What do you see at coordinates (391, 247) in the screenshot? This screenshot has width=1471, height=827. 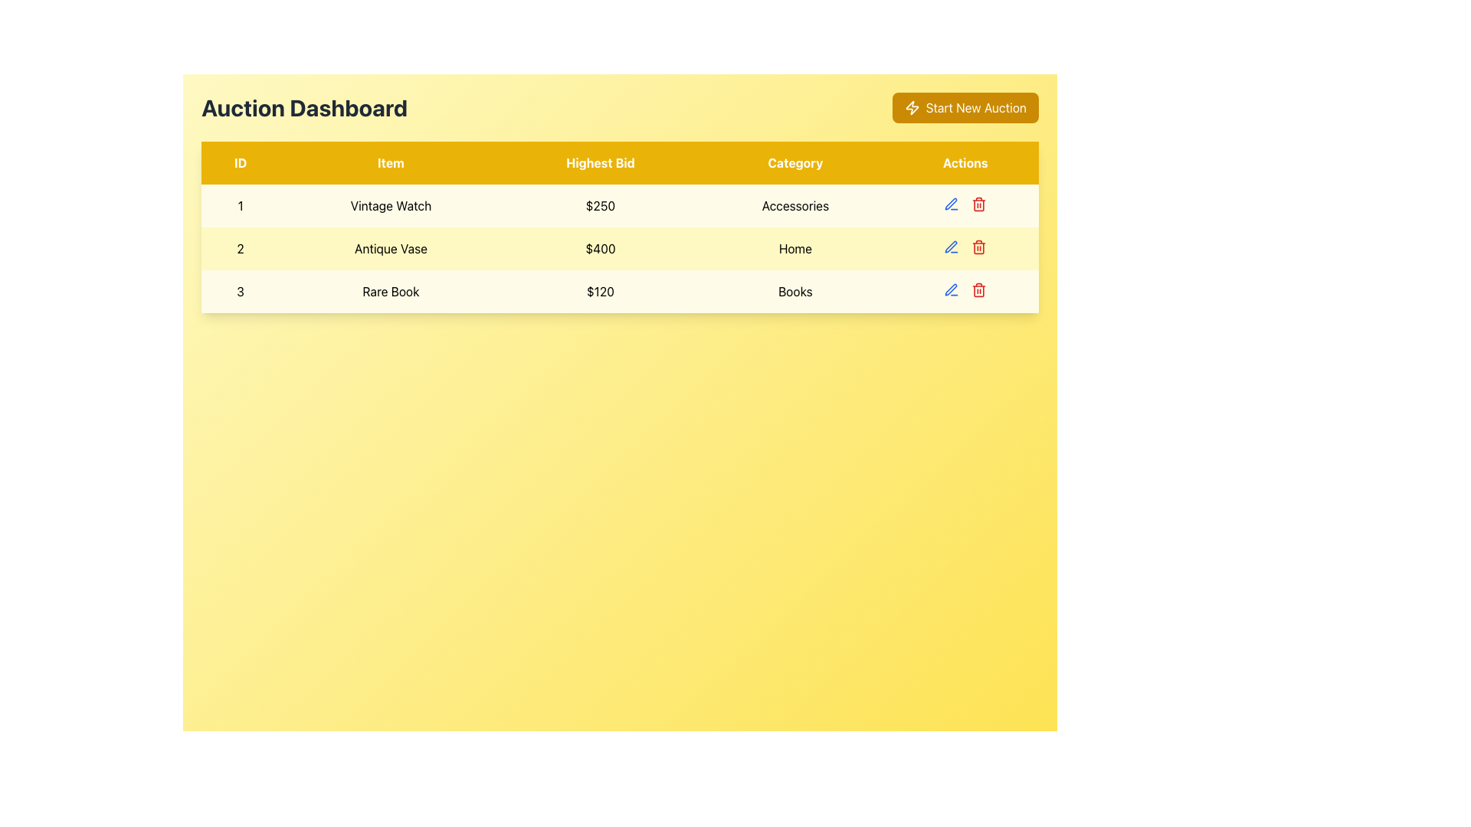 I see `text label 'Antique Vase' located in the second column under the 'Item' header in the data table, centered in the second row` at bounding box center [391, 247].